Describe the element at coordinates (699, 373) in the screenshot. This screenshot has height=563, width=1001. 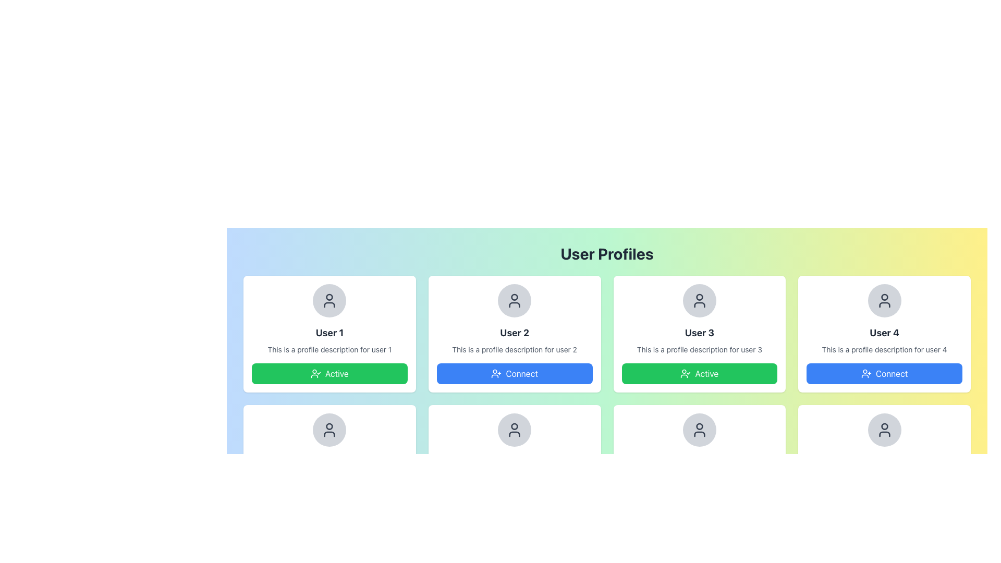
I see `the green rectangular button labeled 'Active' with a checkmark icon, located at the bottom center of the 'User 3' card` at that location.